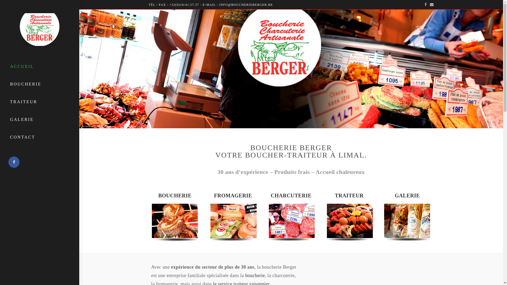 Image resolution: width=507 pixels, height=285 pixels. What do you see at coordinates (39, 137) in the screenshot?
I see `'CONTACT'` at bounding box center [39, 137].